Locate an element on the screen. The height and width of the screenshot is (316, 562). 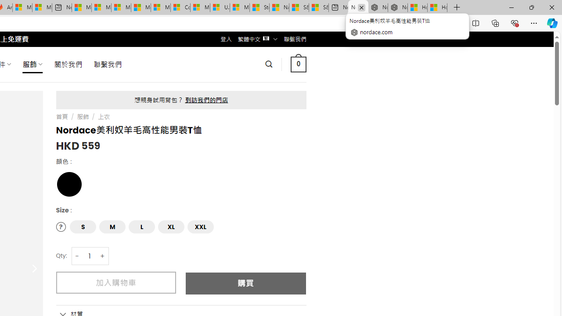
'Restore' is located at coordinates (531, 7).